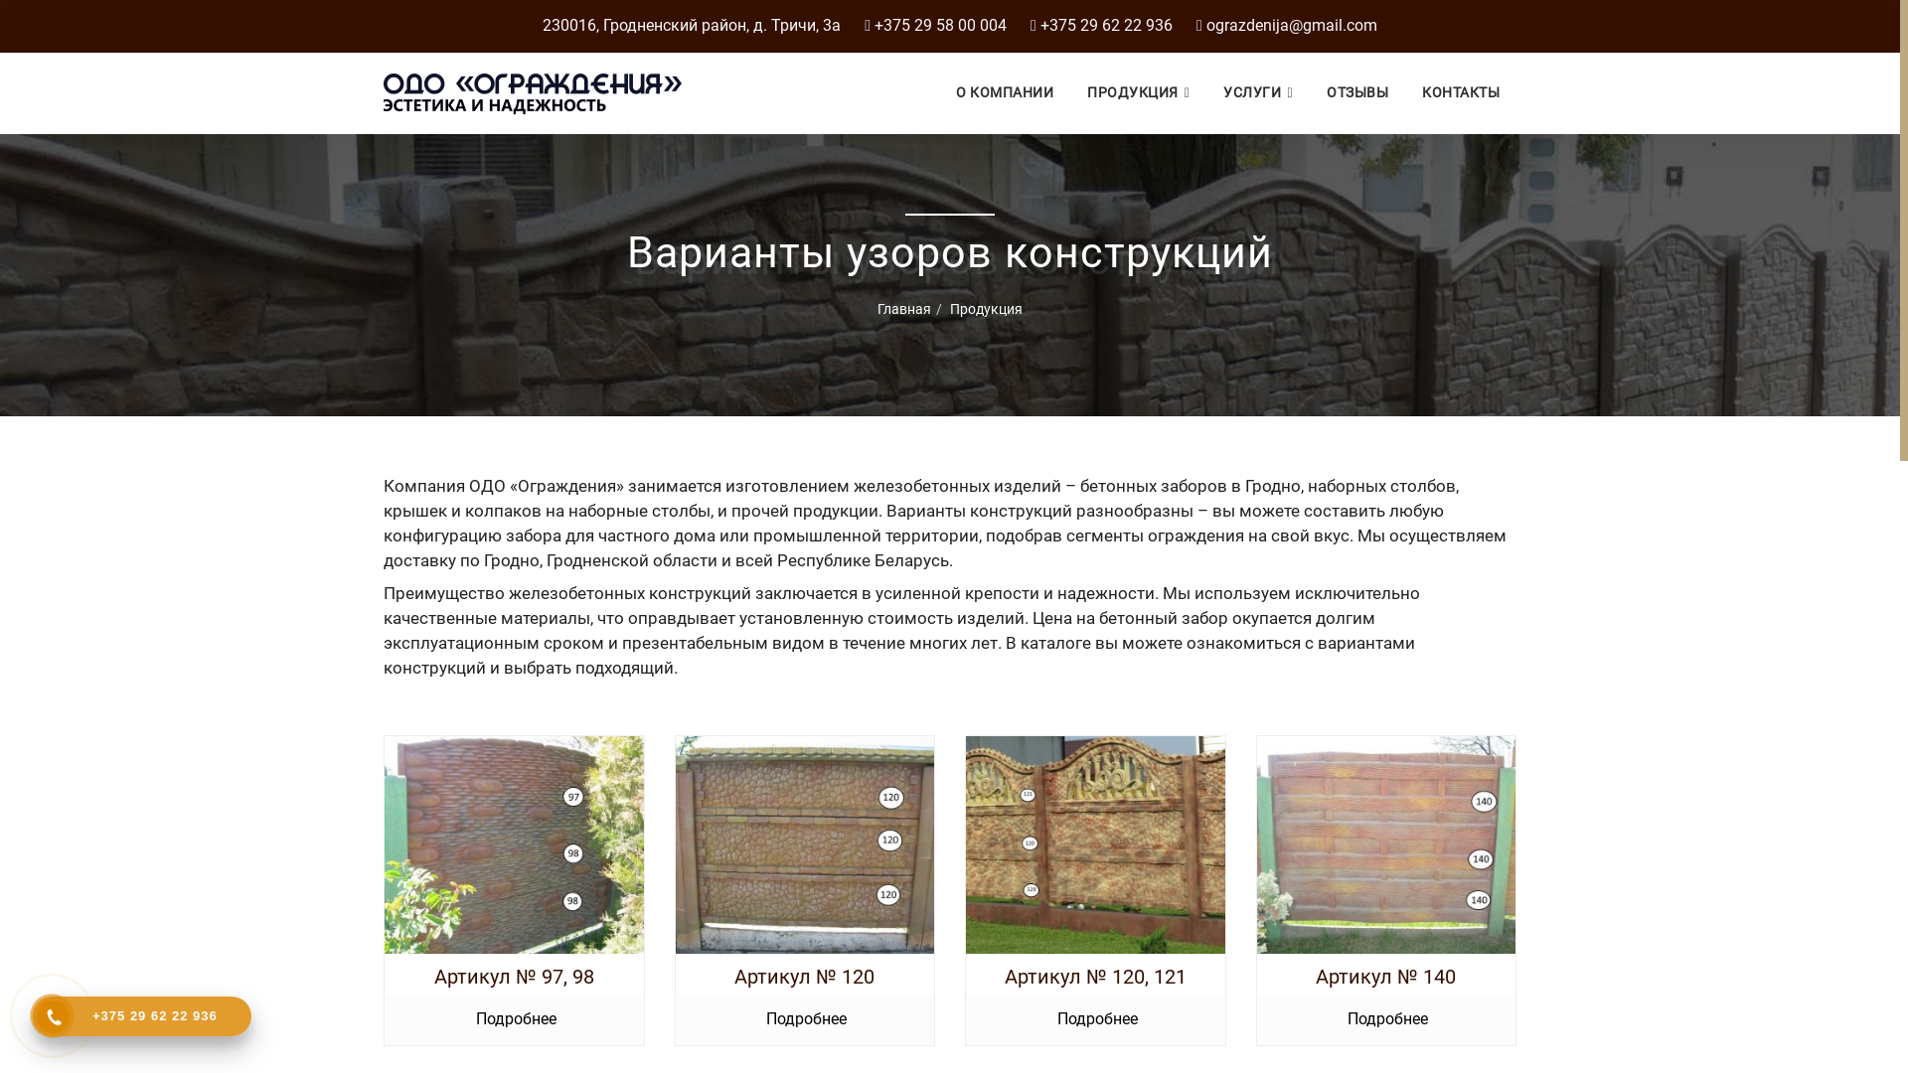 Image resolution: width=1908 pixels, height=1073 pixels. I want to click on '+375 29 62 22 936', so click(1105, 25).